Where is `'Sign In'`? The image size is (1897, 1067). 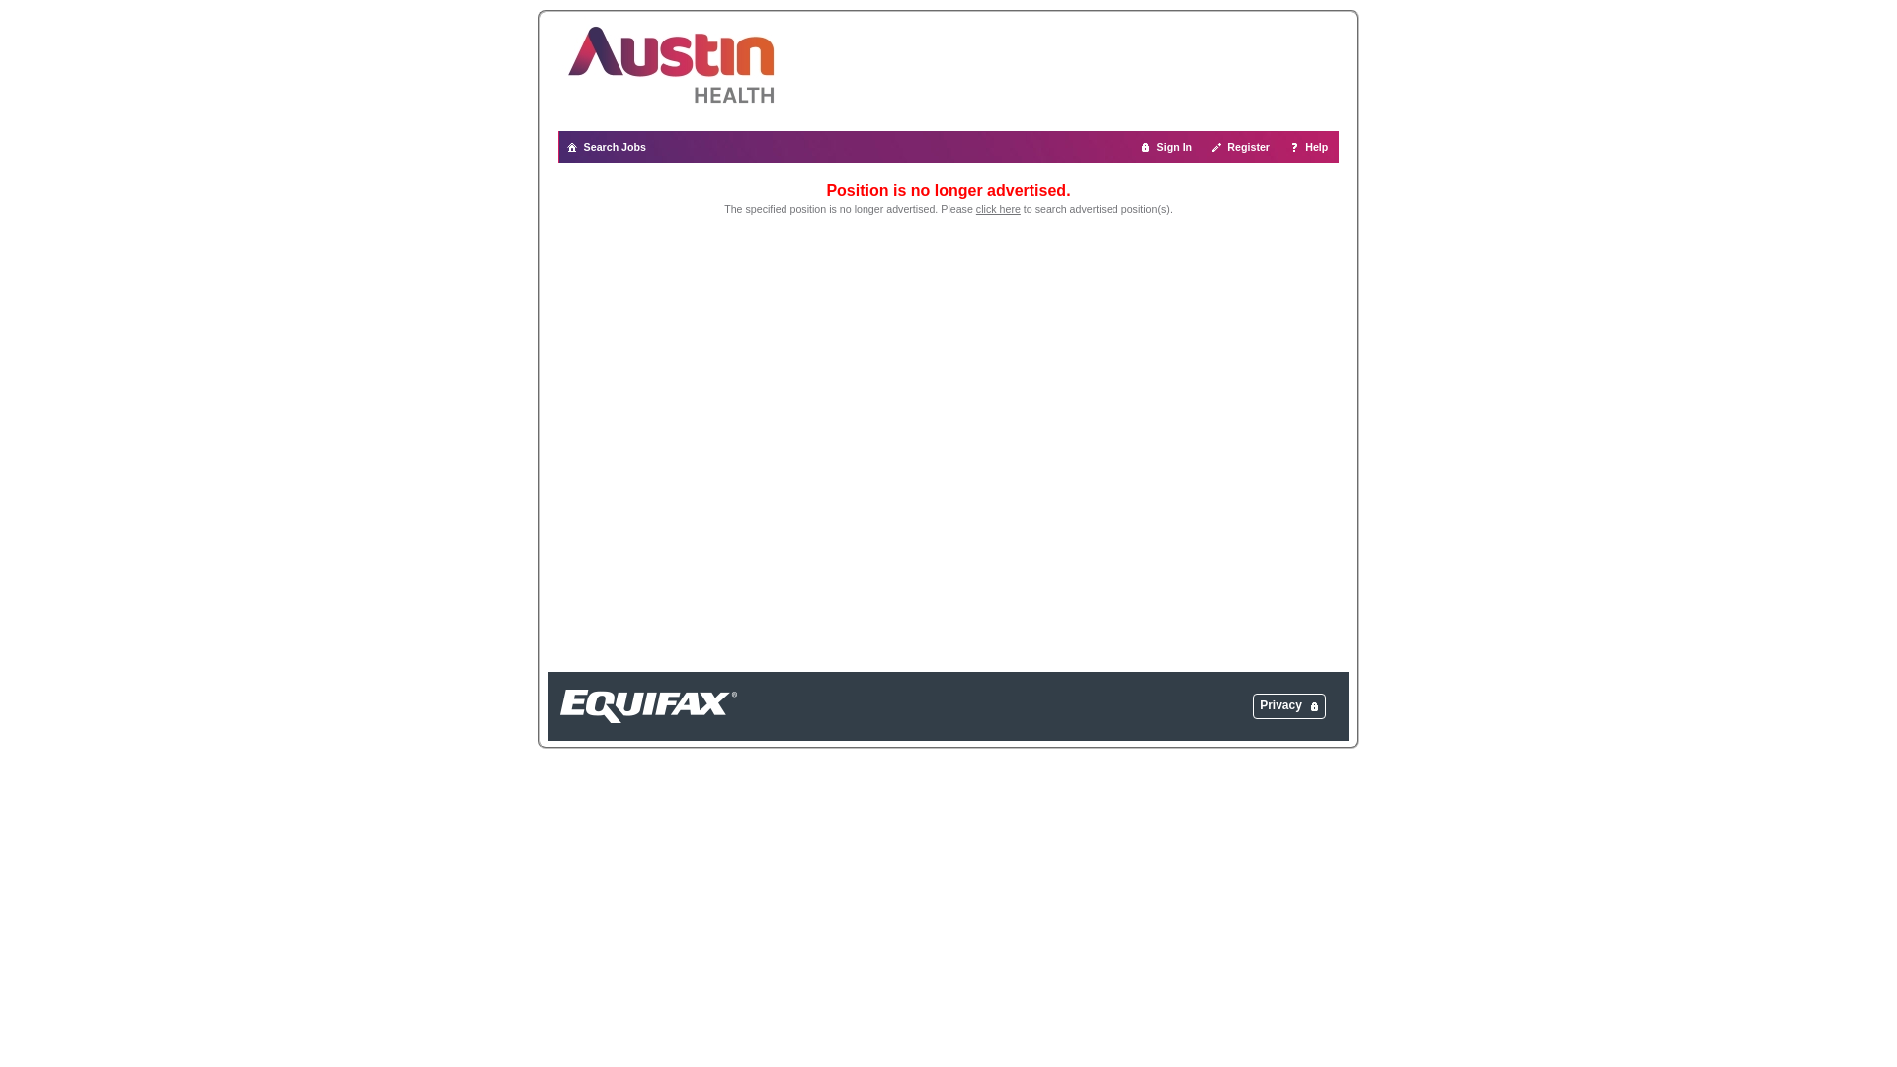
'Sign In' is located at coordinates (1166, 146).